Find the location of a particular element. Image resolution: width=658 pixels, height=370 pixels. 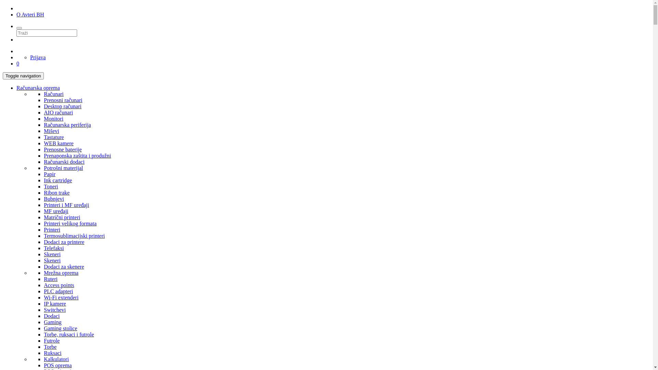

'Gaming stolice' is located at coordinates (60, 328).